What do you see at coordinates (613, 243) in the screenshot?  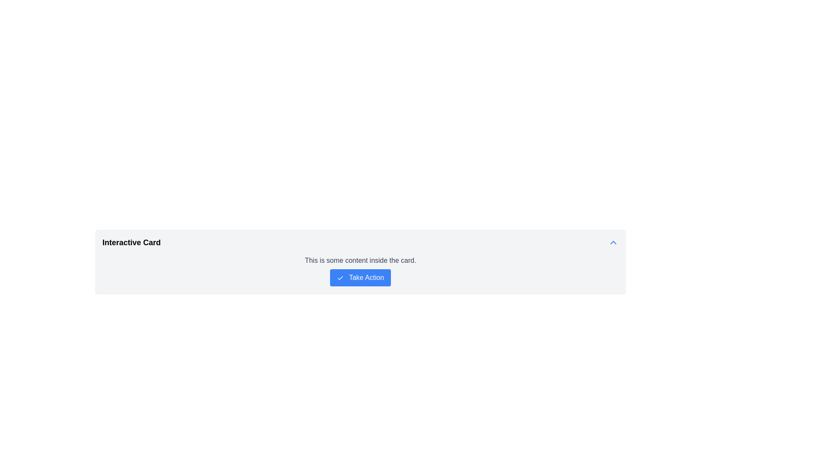 I see `the clickable icon located at the far right edge of the 'Interactive Card' to observe the style change` at bounding box center [613, 243].